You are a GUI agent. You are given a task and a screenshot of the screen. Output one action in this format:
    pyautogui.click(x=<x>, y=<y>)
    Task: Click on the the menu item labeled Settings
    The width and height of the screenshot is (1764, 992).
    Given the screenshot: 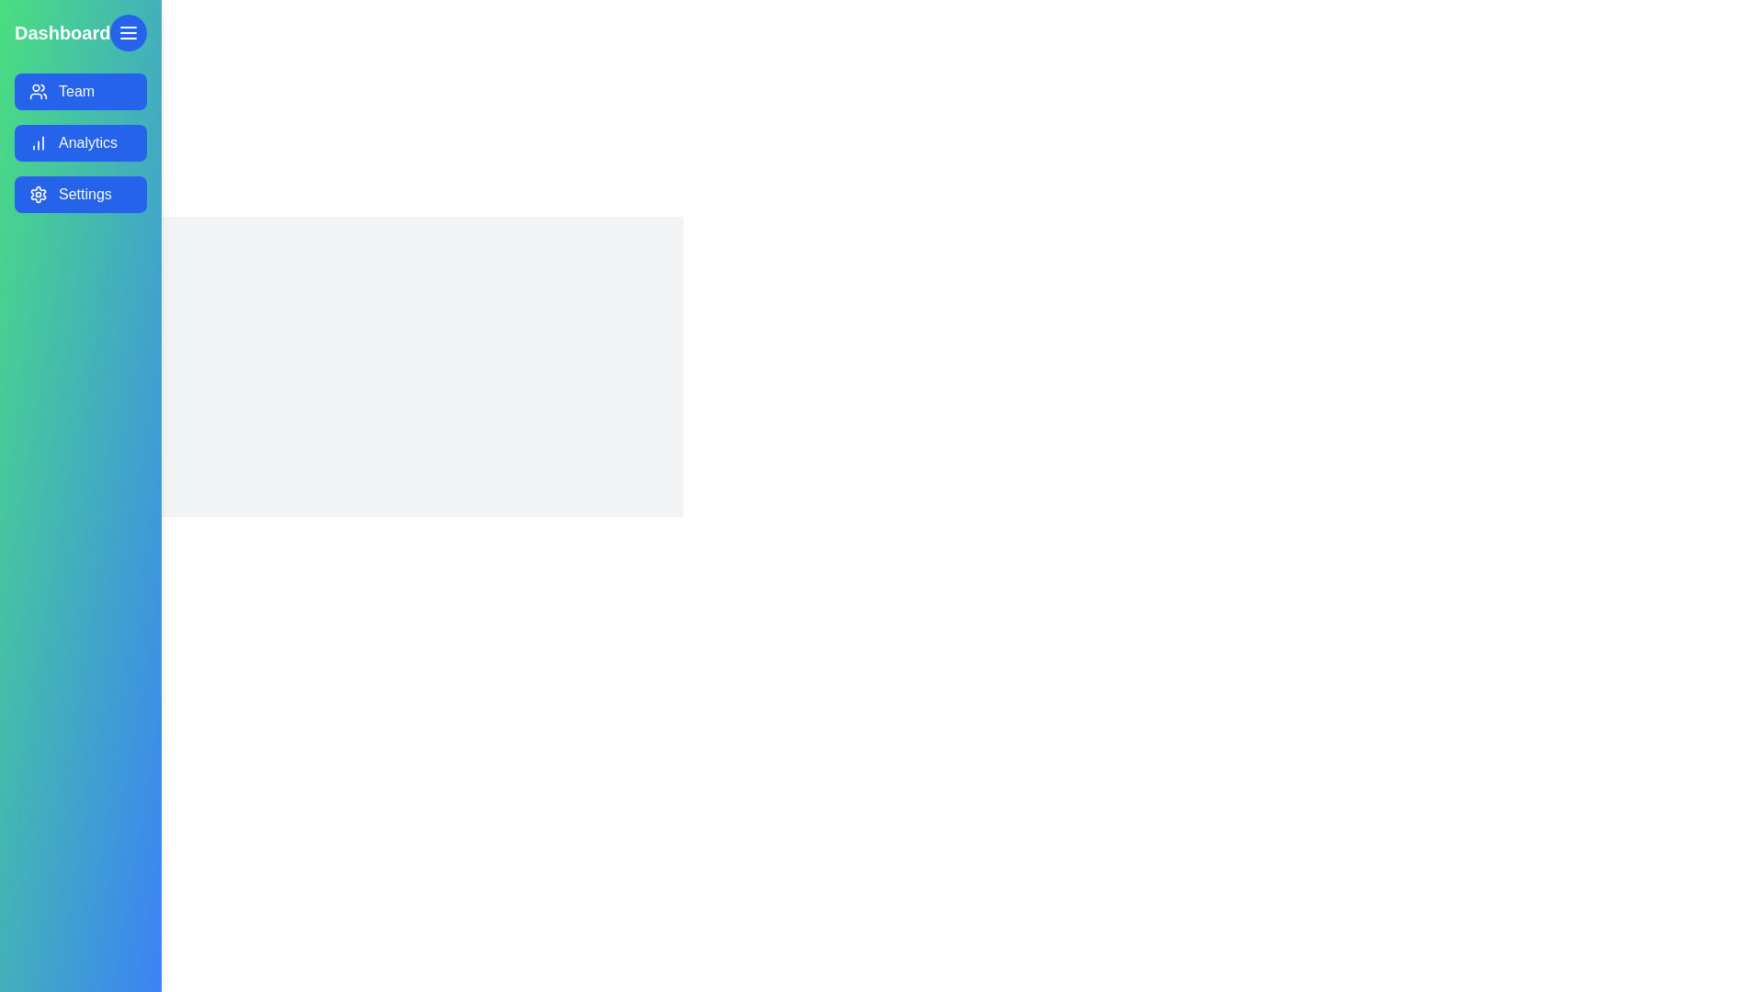 What is the action you would take?
    pyautogui.click(x=80, y=195)
    